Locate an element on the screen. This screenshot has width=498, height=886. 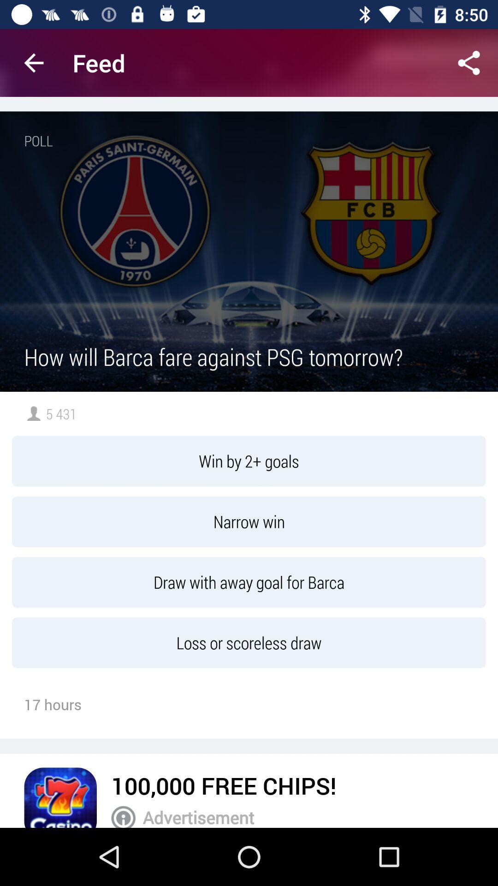
the item below the draw with away item is located at coordinates (249, 642).